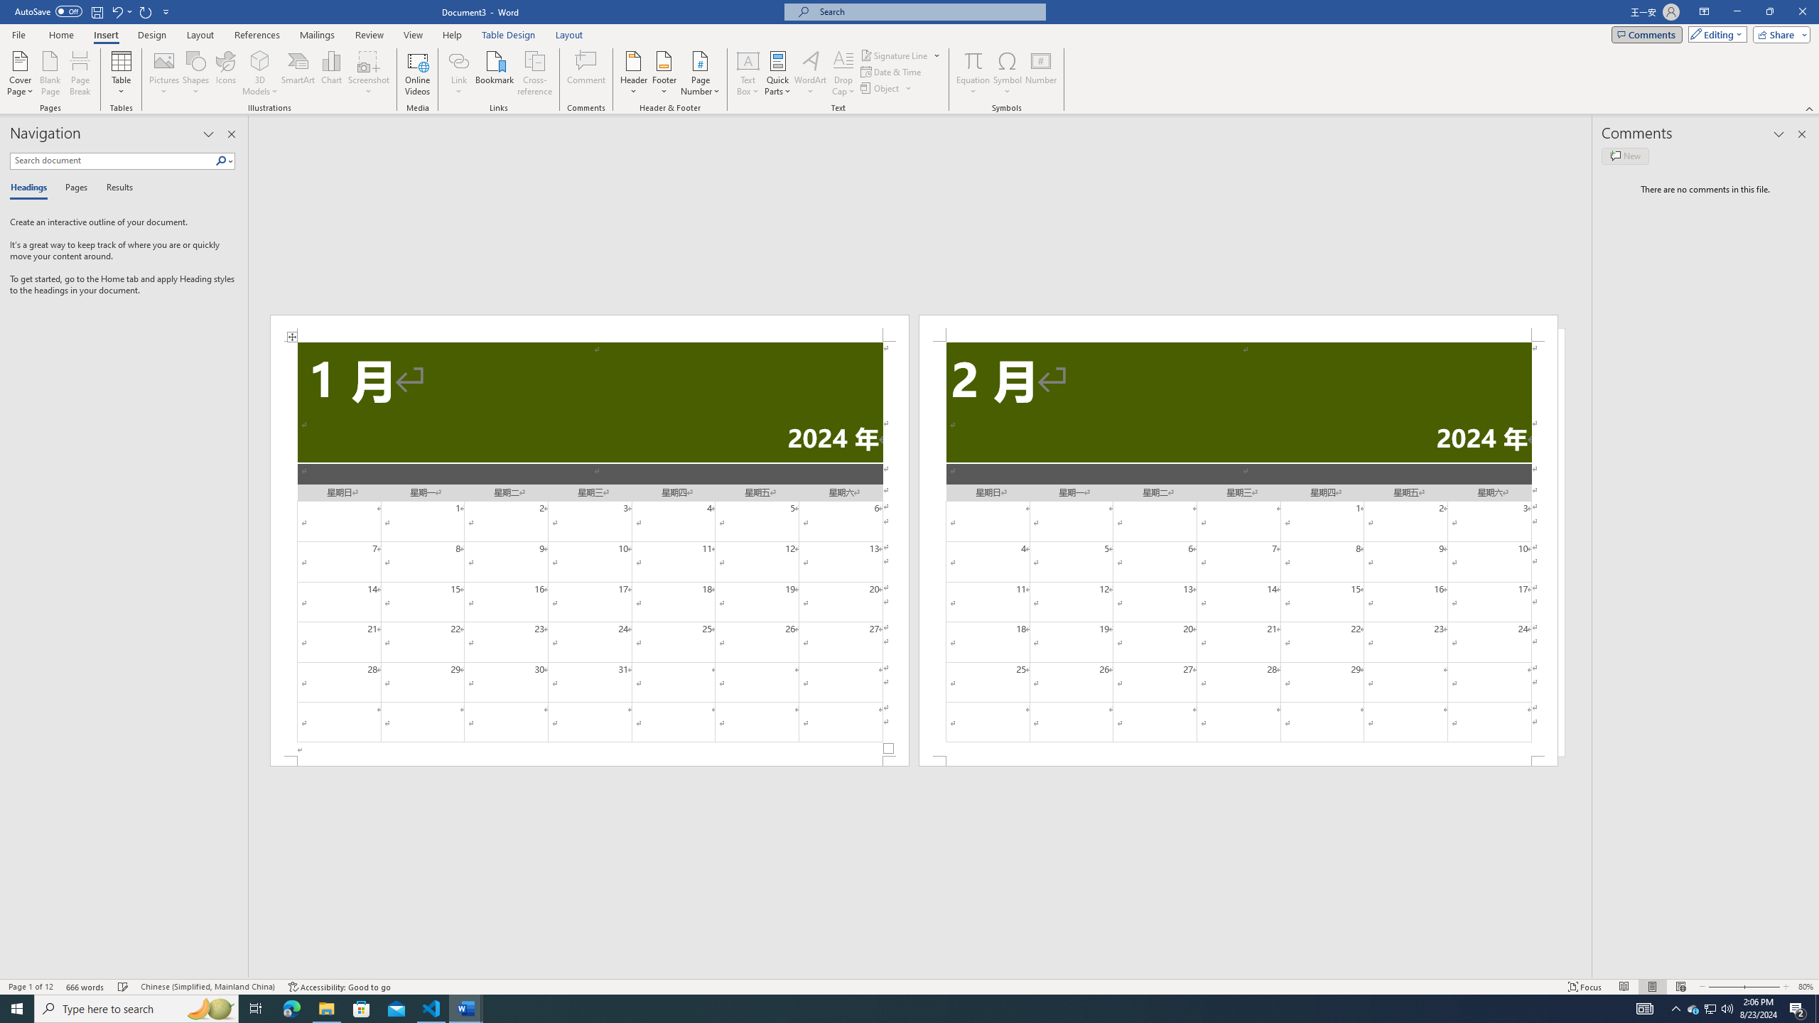  What do you see at coordinates (60, 35) in the screenshot?
I see `'Home'` at bounding box center [60, 35].